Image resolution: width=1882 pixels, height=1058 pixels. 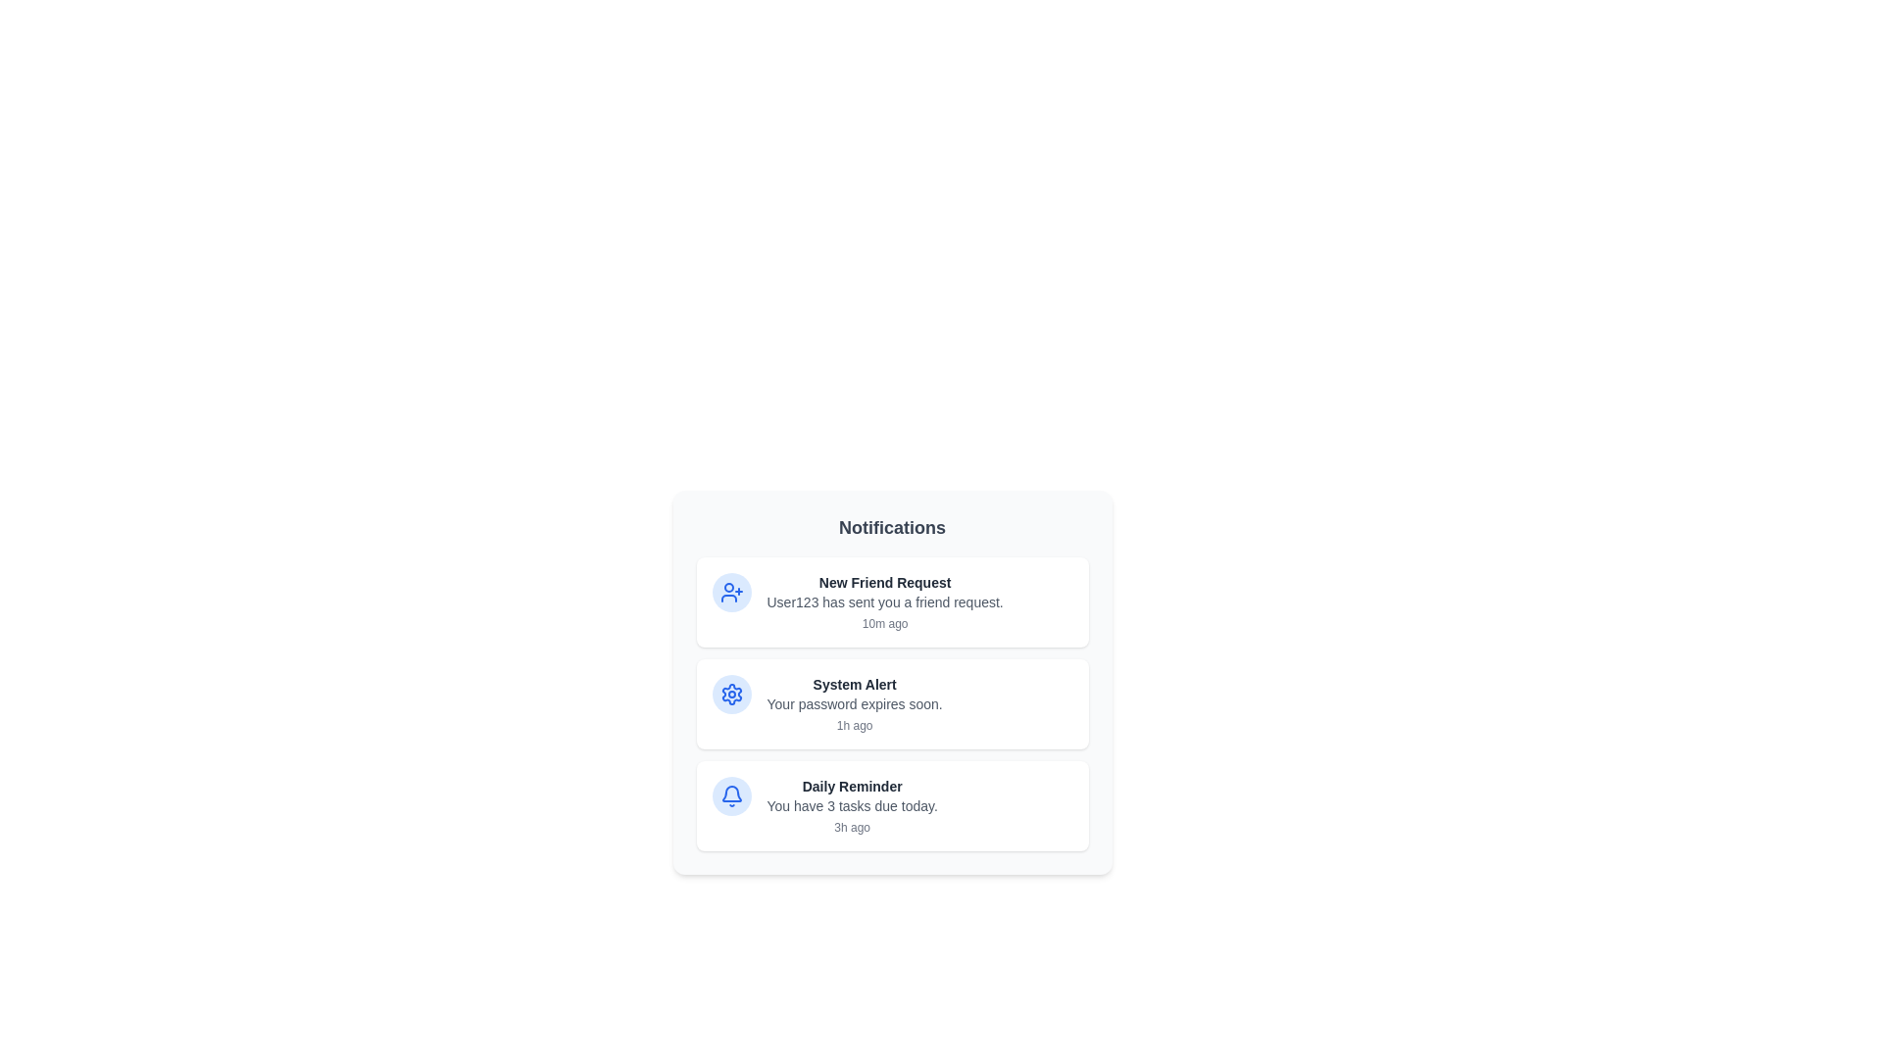 I want to click on the icon of the notification corresponding to Daily Reminder, so click(x=730, y=796).